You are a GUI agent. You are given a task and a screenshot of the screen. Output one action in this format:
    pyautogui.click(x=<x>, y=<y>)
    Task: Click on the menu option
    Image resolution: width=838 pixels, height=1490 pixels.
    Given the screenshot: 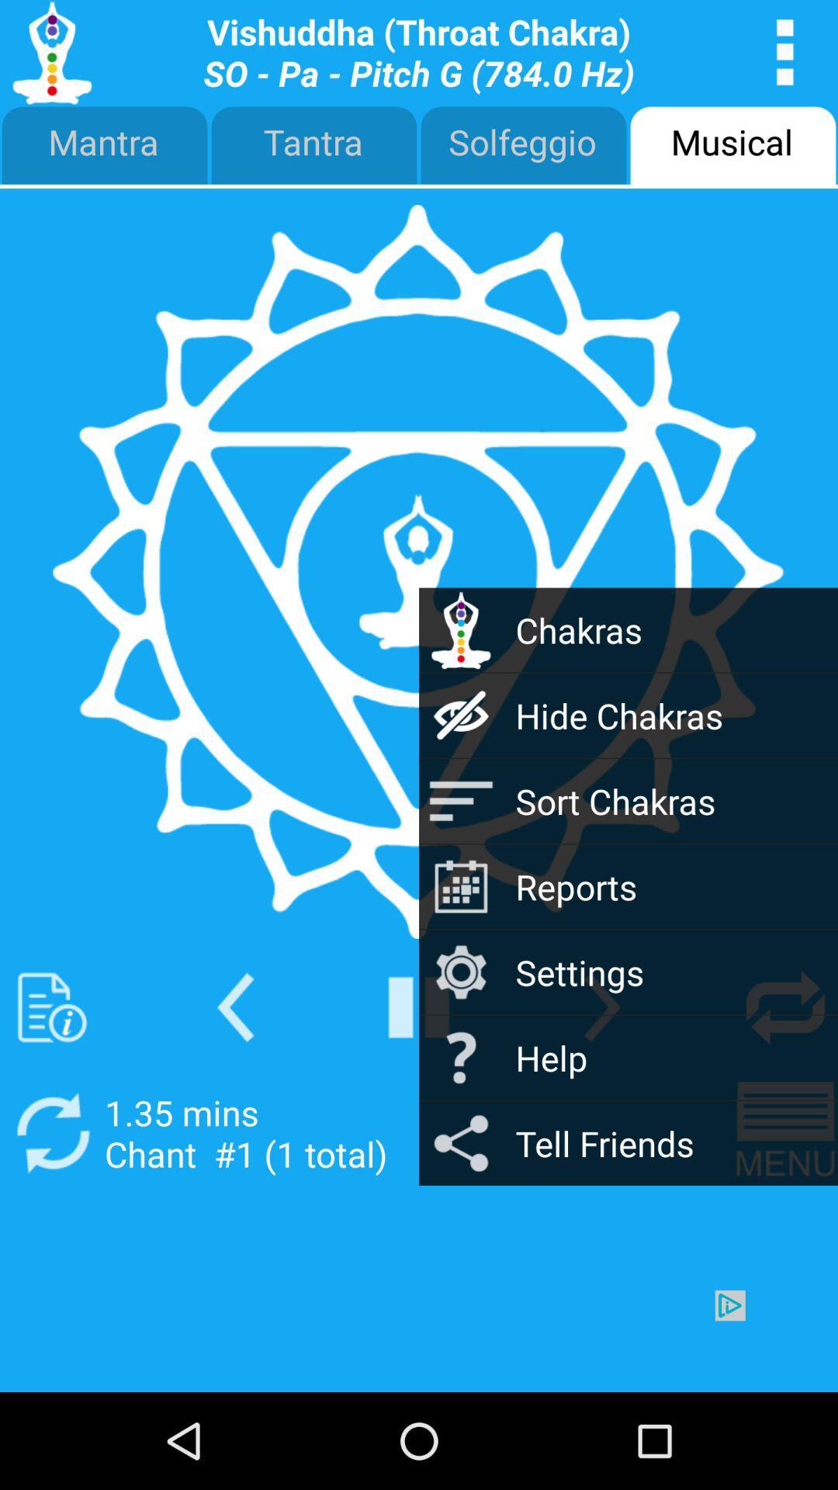 What is the action you would take?
    pyautogui.click(x=785, y=52)
    